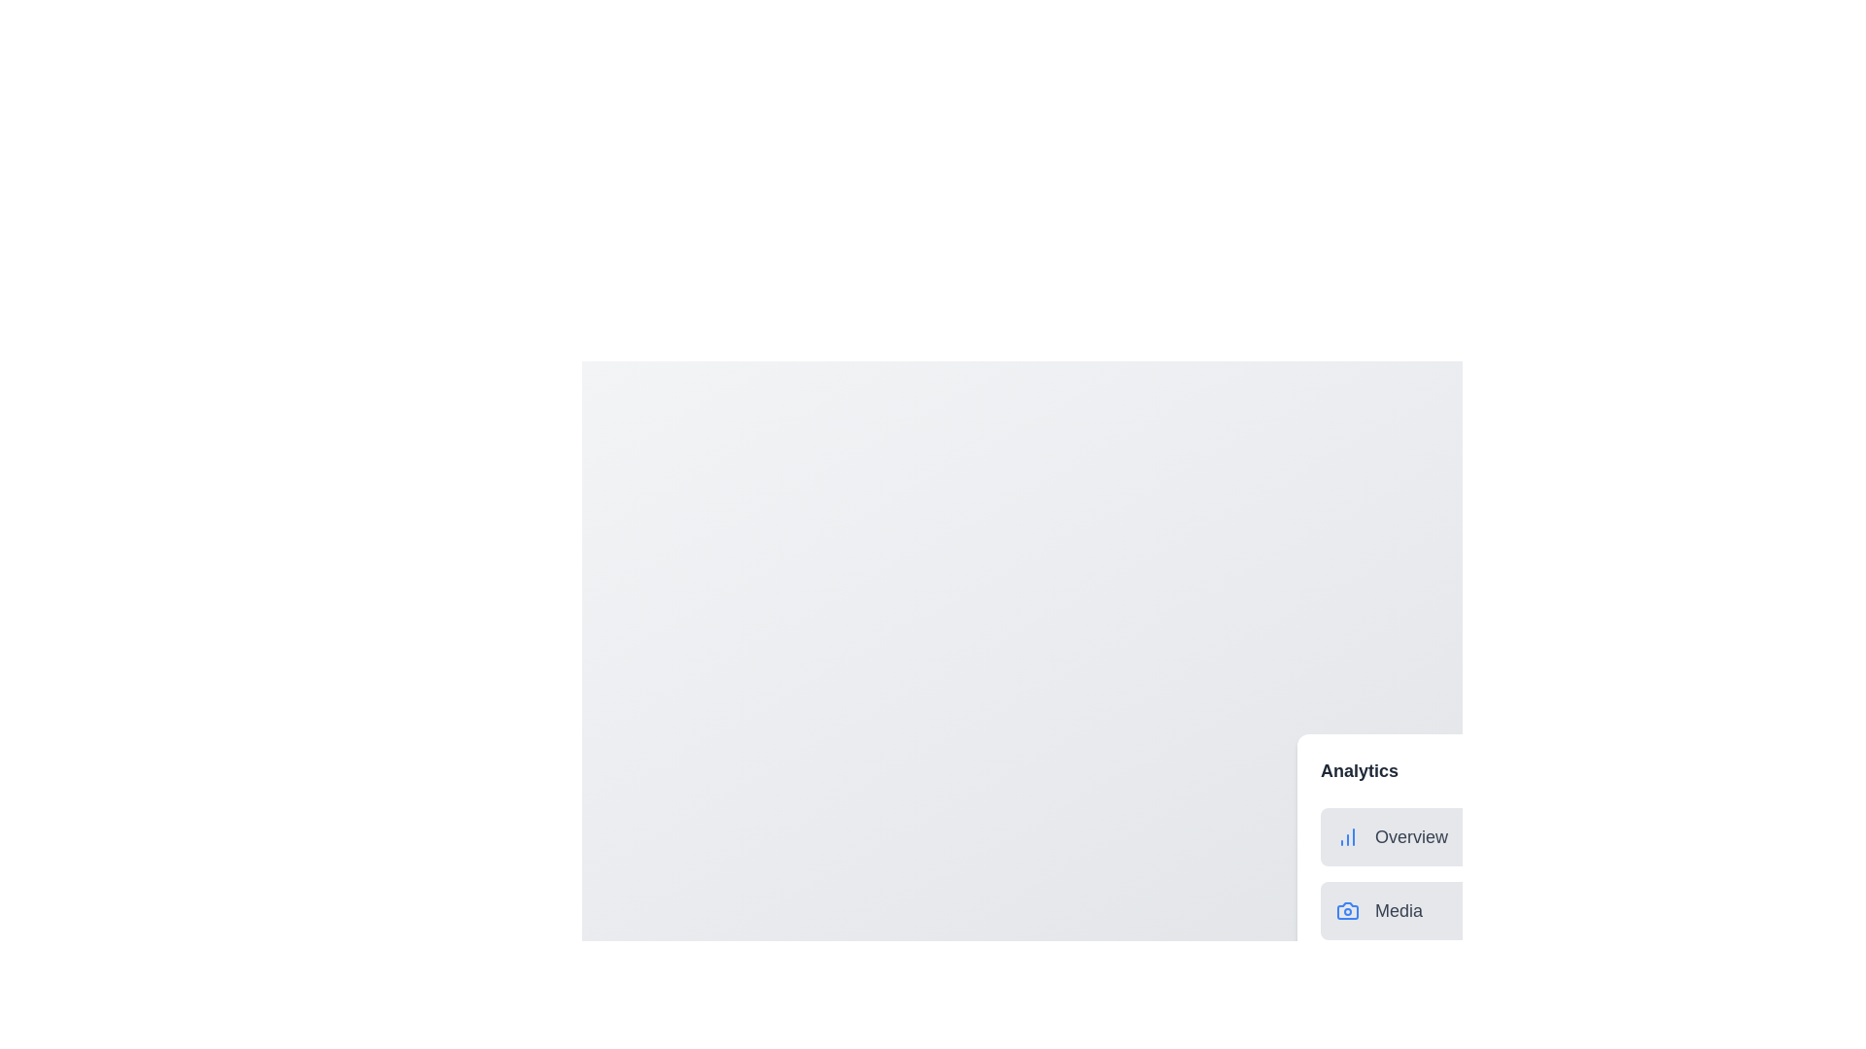 This screenshot has width=1866, height=1049. Describe the element at coordinates (1514, 835) in the screenshot. I see `the Overview section to navigate` at that location.